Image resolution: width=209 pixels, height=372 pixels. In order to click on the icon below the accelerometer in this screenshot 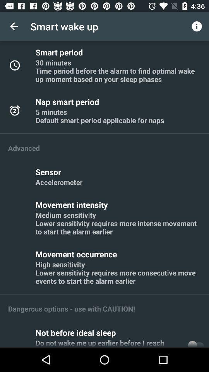, I will do `click(73, 204)`.